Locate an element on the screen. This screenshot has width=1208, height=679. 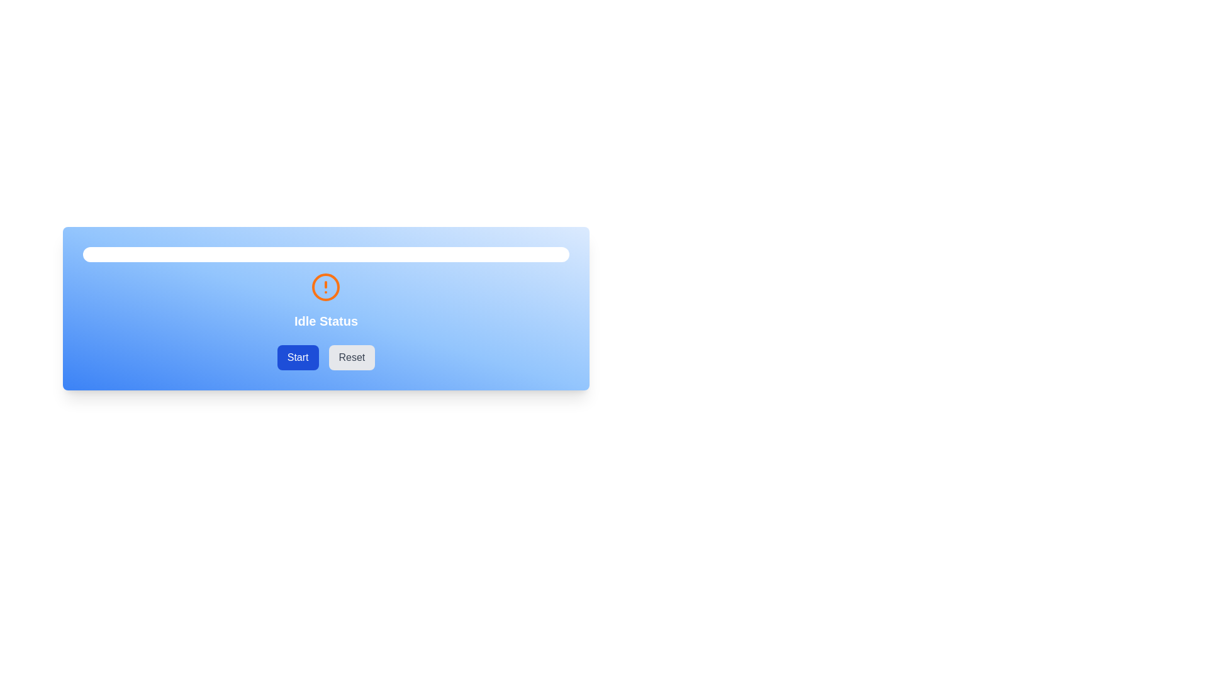
the visual alert represented by the icon with an orange outline and exclamation mark, located above the 'Idle Status' label is located at coordinates (326, 287).